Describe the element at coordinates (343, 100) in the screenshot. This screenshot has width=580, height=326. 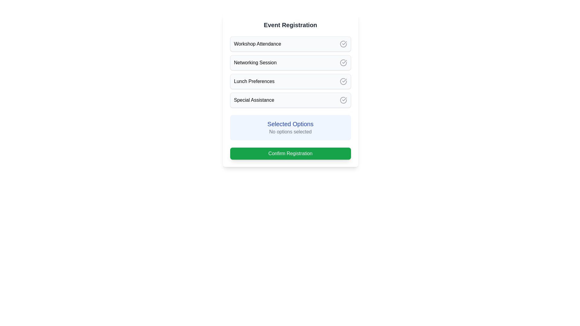
I see `the circular status indicator icon with a checkmark located at the far right of the 'Special Assistance' row` at that location.